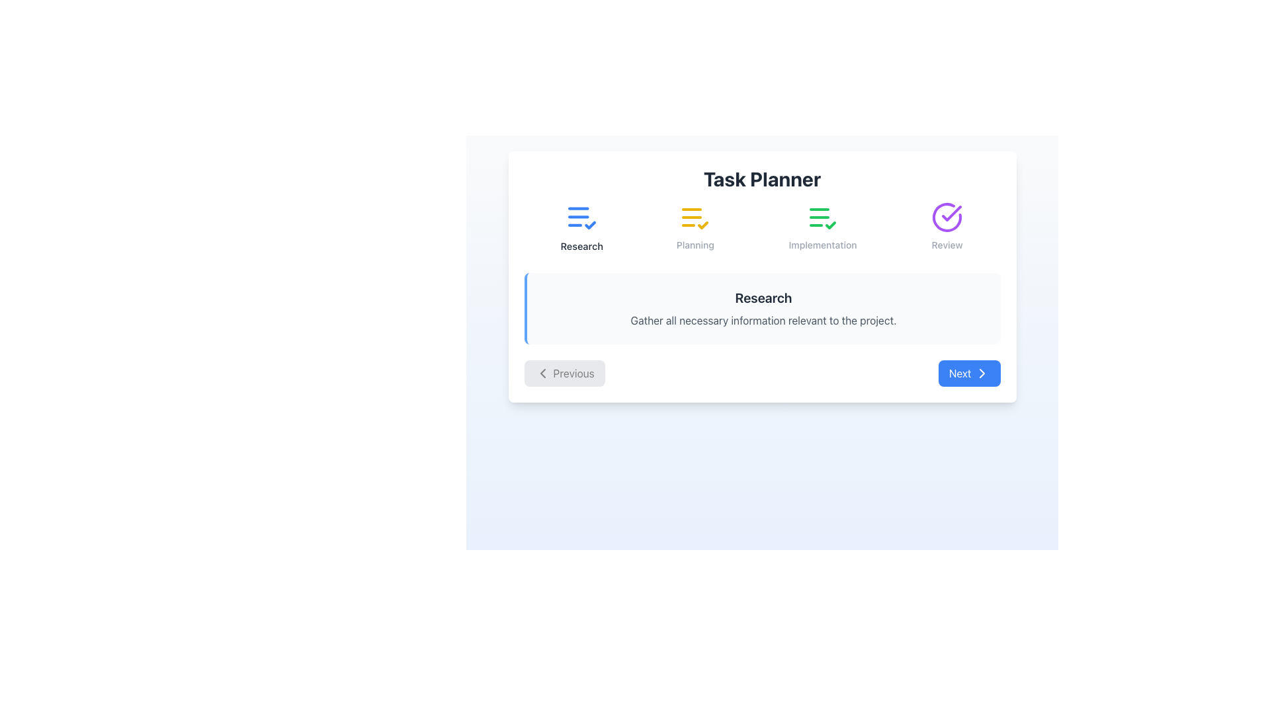 This screenshot has height=714, width=1270. Describe the element at coordinates (822, 216) in the screenshot. I see `the 'Implementation' phase icon, which is the third in a row of four icons` at that location.